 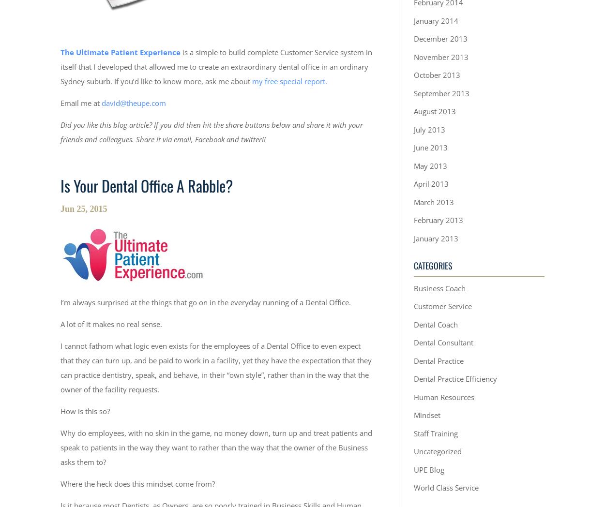 What do you see at coordinates (60, 447) in the screenshot?
I see `'Why do employees, with no skin in the game, no money down, turn up and treat patients and speak to patients in the way they want to rather than the way that the owner of the Business asks them to?'` at bounding box center [60, 447].